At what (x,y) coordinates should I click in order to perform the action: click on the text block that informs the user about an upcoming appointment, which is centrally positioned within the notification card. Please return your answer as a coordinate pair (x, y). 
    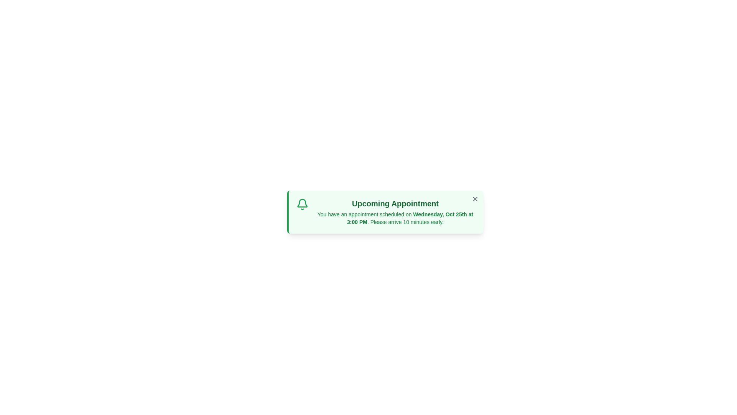
    Looking at the image, I should click on (395, 212).